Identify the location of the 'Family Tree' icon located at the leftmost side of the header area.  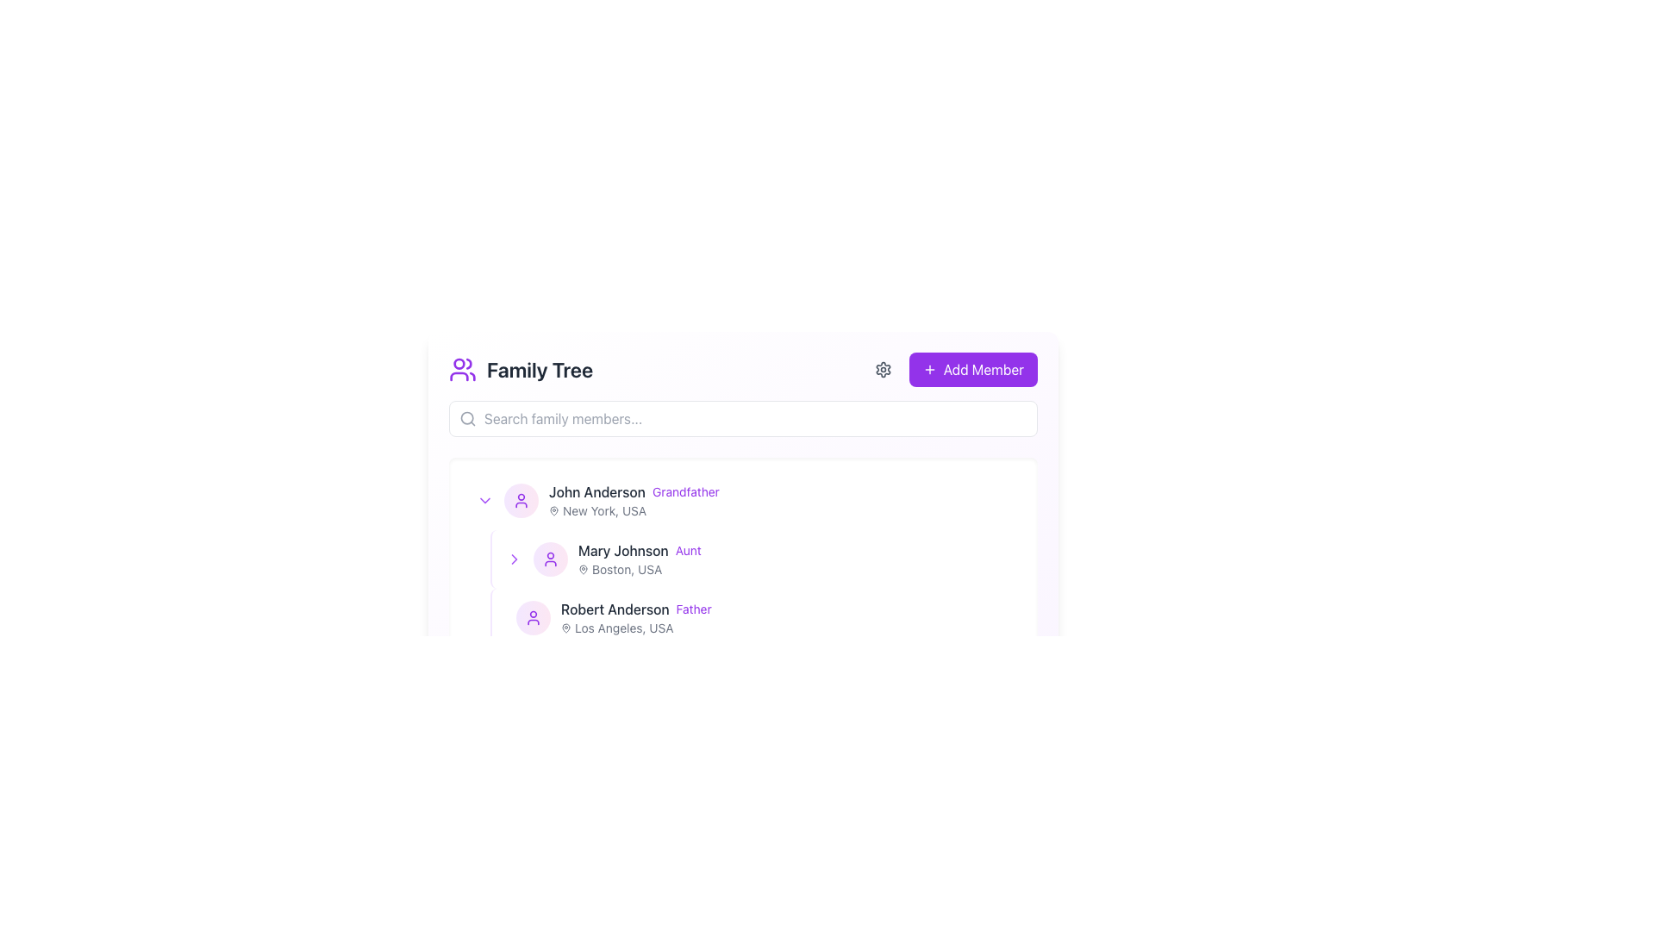
(463, 368).